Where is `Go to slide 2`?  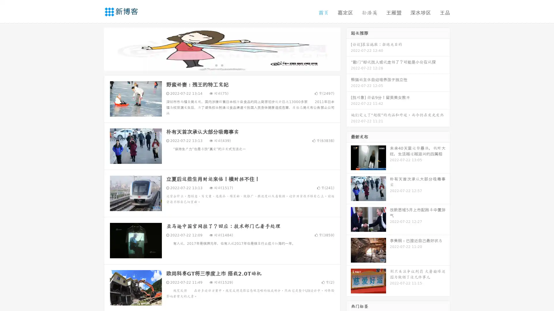 Go to slide 2 is located at coordinates (222, 65).